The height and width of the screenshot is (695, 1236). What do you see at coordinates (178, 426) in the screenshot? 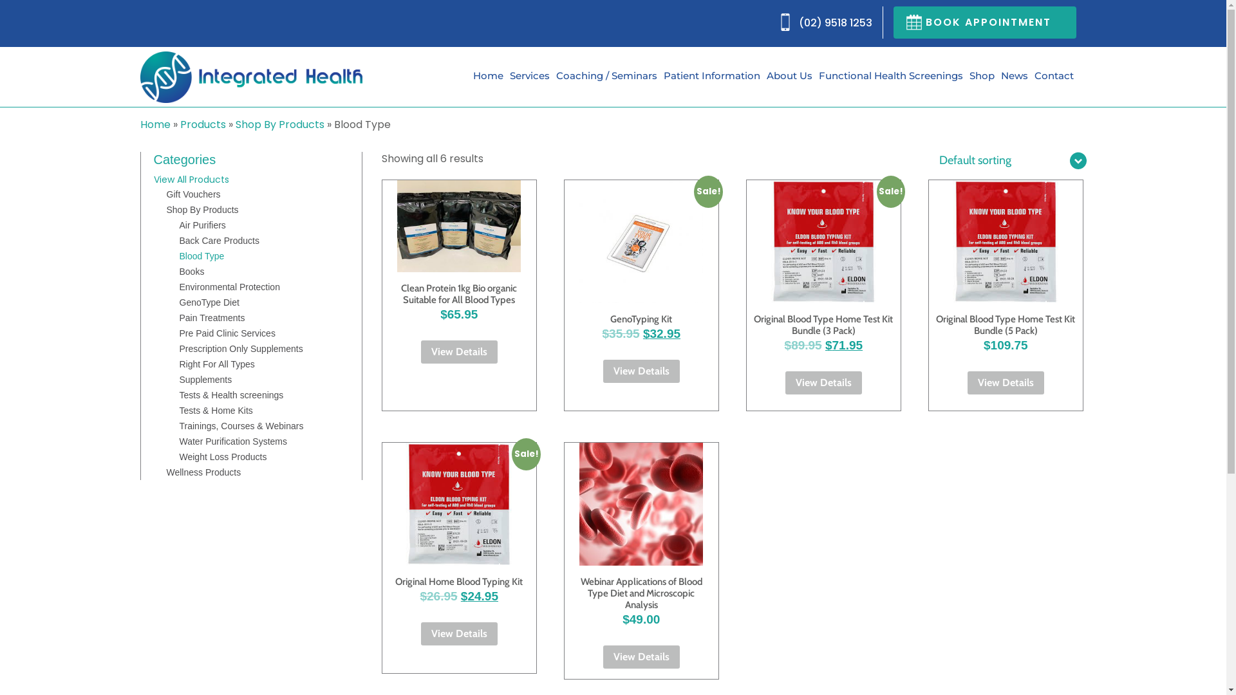
I see `'Trainings, Courses & Webinars'` at bounding box center [178, 426].